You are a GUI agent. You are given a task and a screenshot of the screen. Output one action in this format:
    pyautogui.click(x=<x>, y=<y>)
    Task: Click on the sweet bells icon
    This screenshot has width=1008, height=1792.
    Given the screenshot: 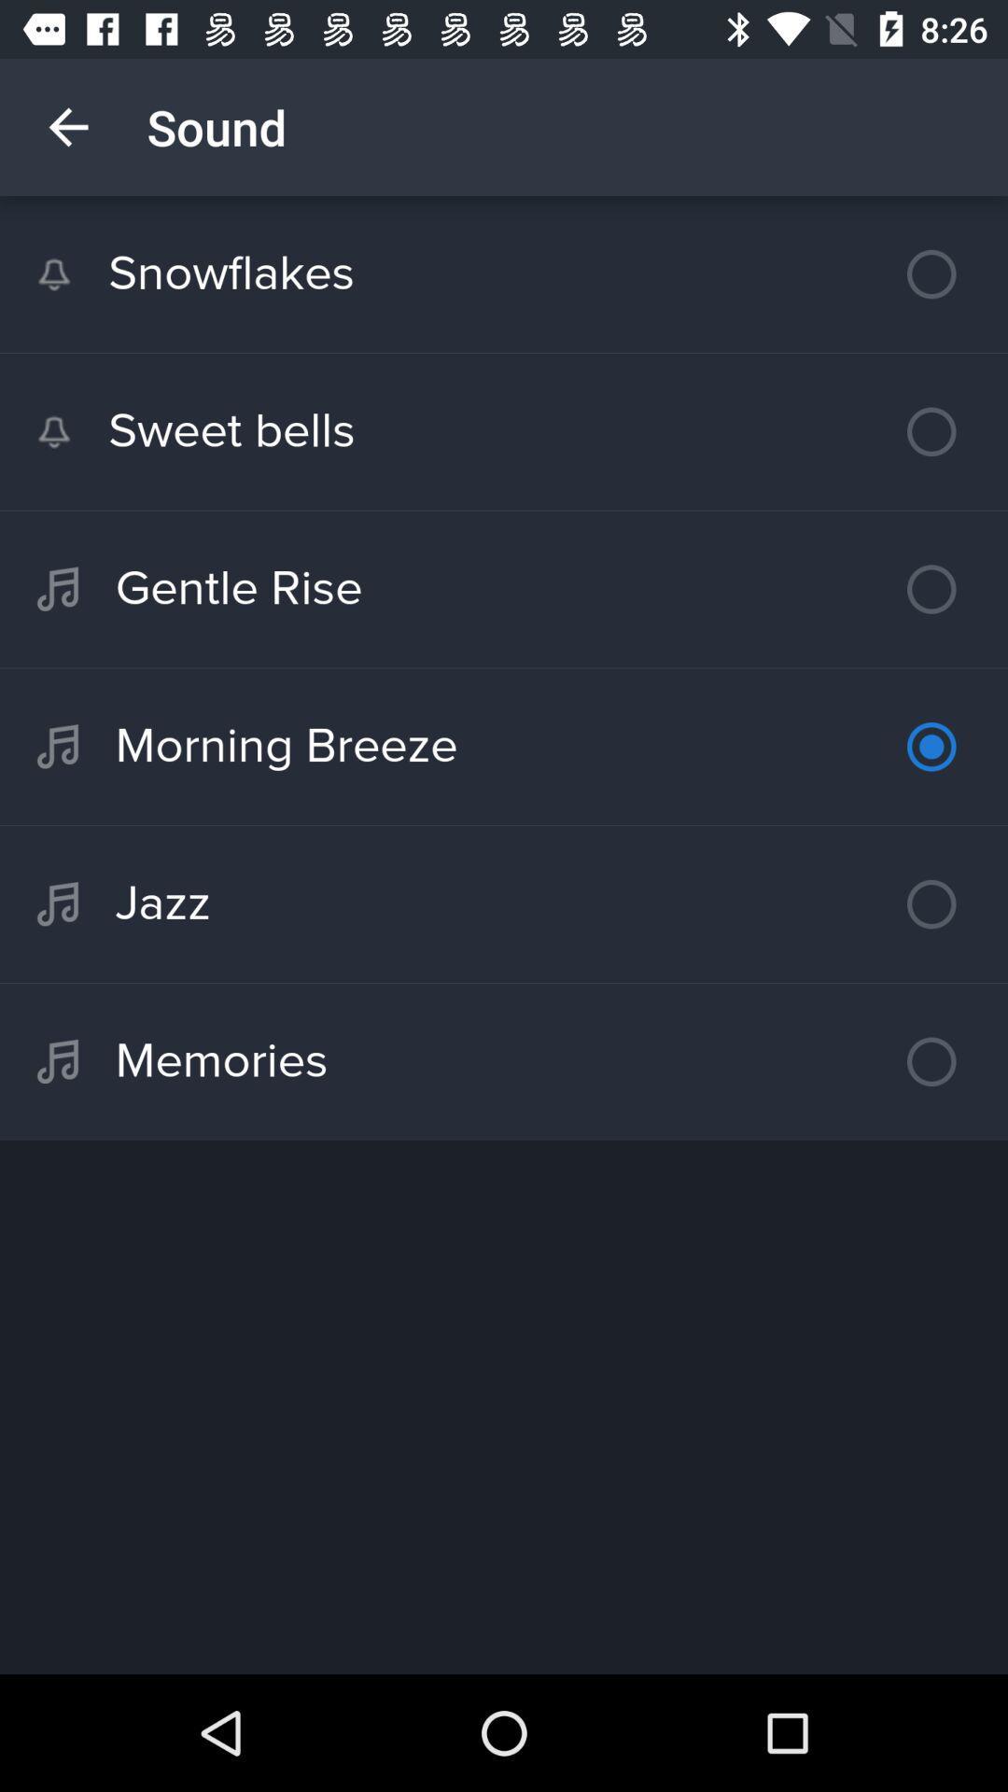 What is the action you would take?
    pyautogui.click(x=504, y=430)
    